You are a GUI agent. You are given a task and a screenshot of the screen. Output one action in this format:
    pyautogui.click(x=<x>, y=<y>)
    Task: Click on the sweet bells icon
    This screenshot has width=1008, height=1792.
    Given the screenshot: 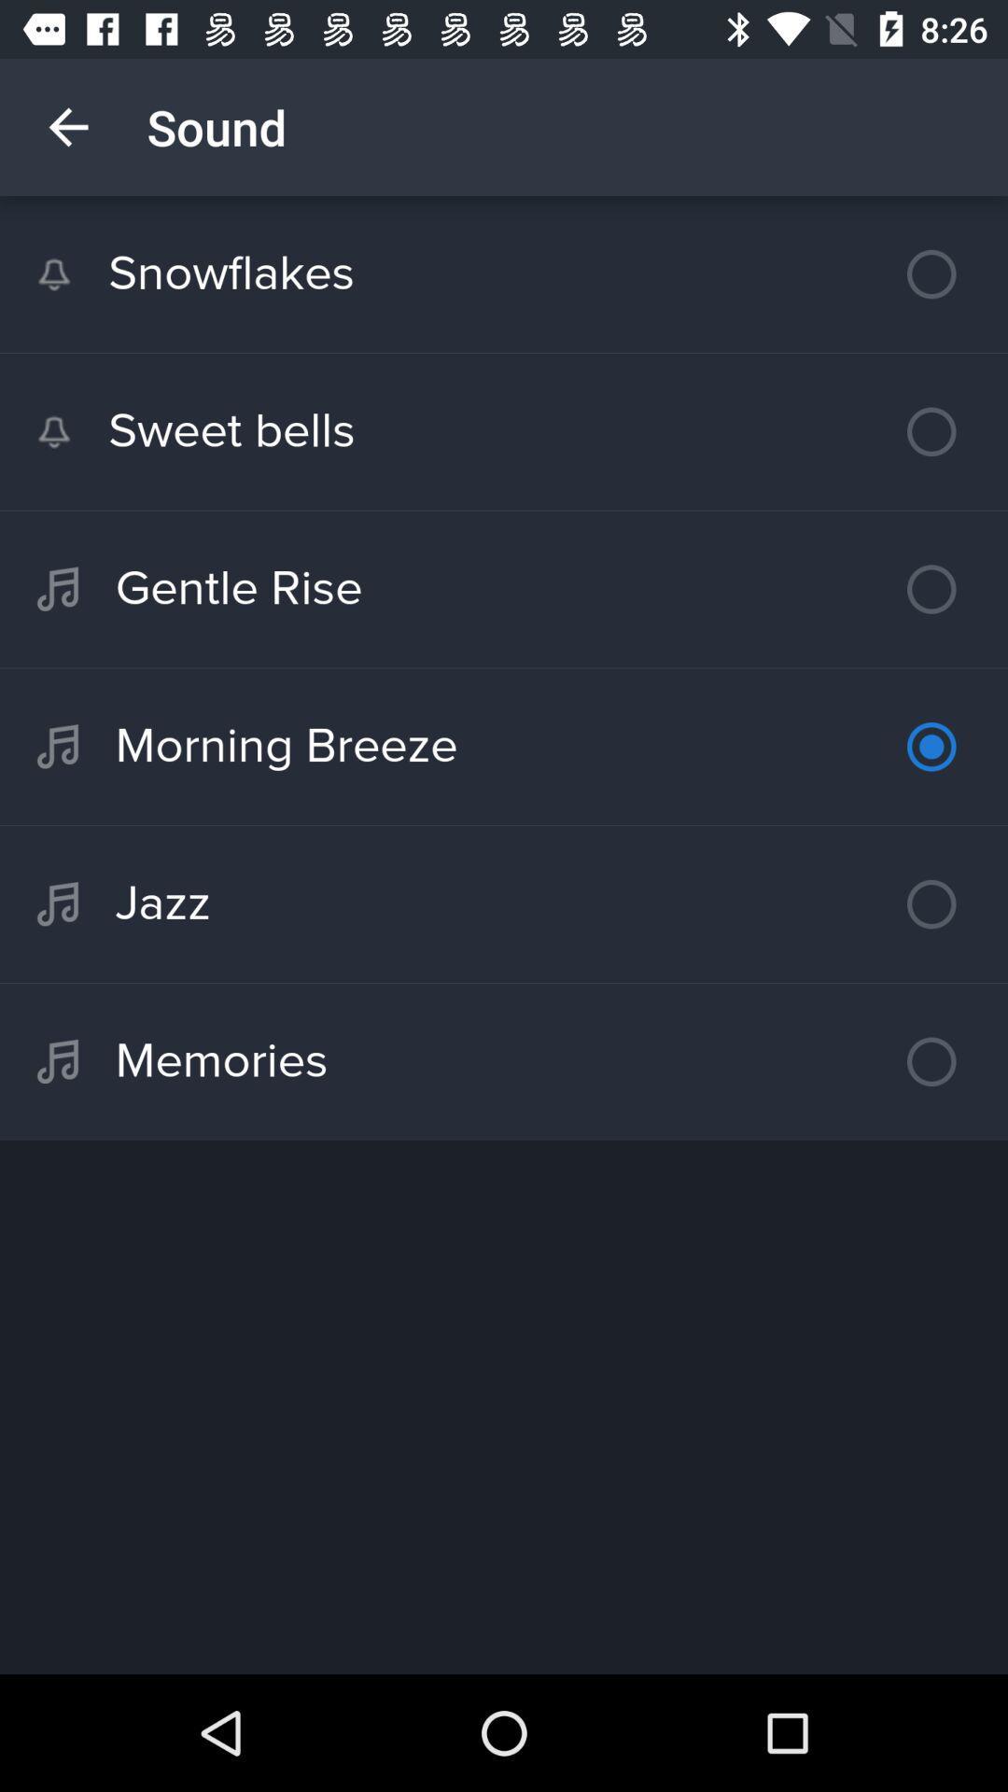 What is the action you would take?
    pyautogui.click(x=504, y=430)
    